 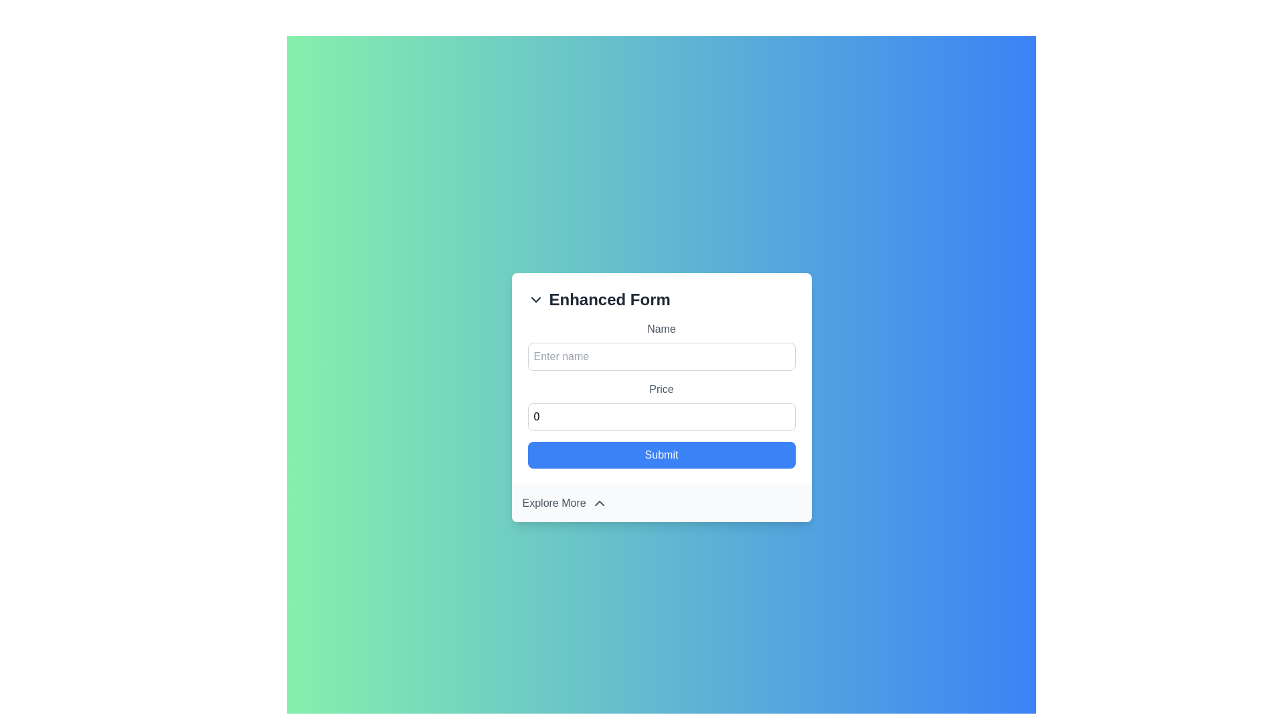 What do you see at coordinates (535, 299) in the screenshot?
I see `the downward-pointing chevron icon located to the left of the 'Enhanced Form' text` at bounding box center [535, 299].